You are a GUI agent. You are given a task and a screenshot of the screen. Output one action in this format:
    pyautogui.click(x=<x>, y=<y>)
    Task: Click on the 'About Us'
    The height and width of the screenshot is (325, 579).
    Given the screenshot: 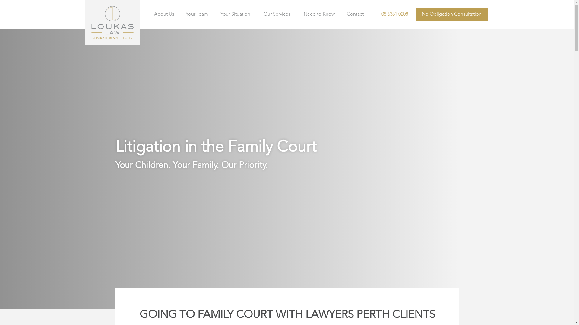 What is the action you would take?
    pyautogui.click(x=152, y=14)
    